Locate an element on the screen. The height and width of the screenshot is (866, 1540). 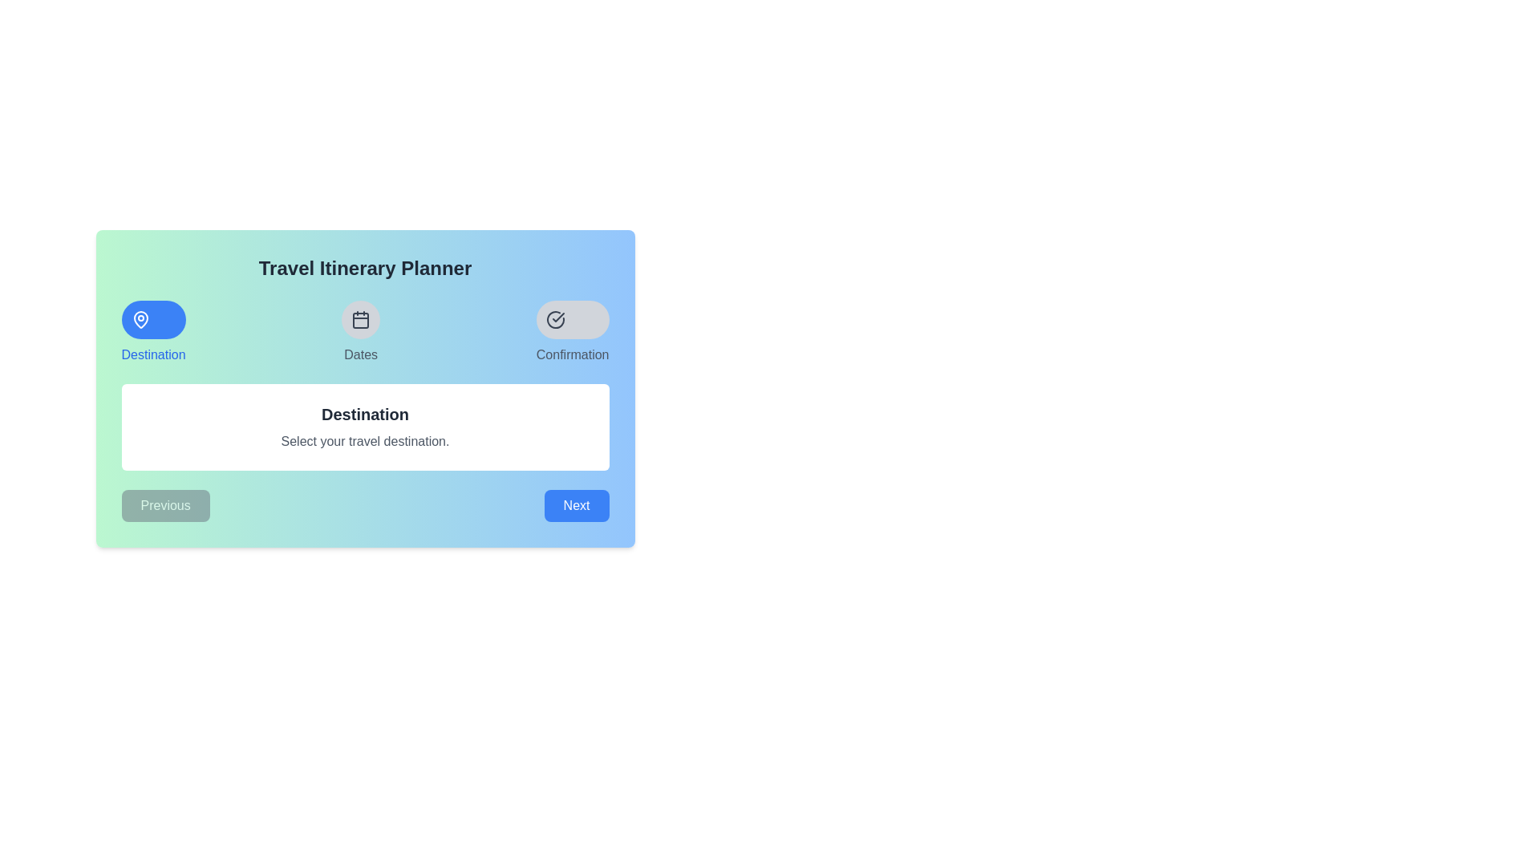
the circular icon with a checkmark inside, styled with a gray background and darker gray outline, located at the rightmost position of three horizontal icons labeled 'Confirmation' is located at coordinates (555, 319).